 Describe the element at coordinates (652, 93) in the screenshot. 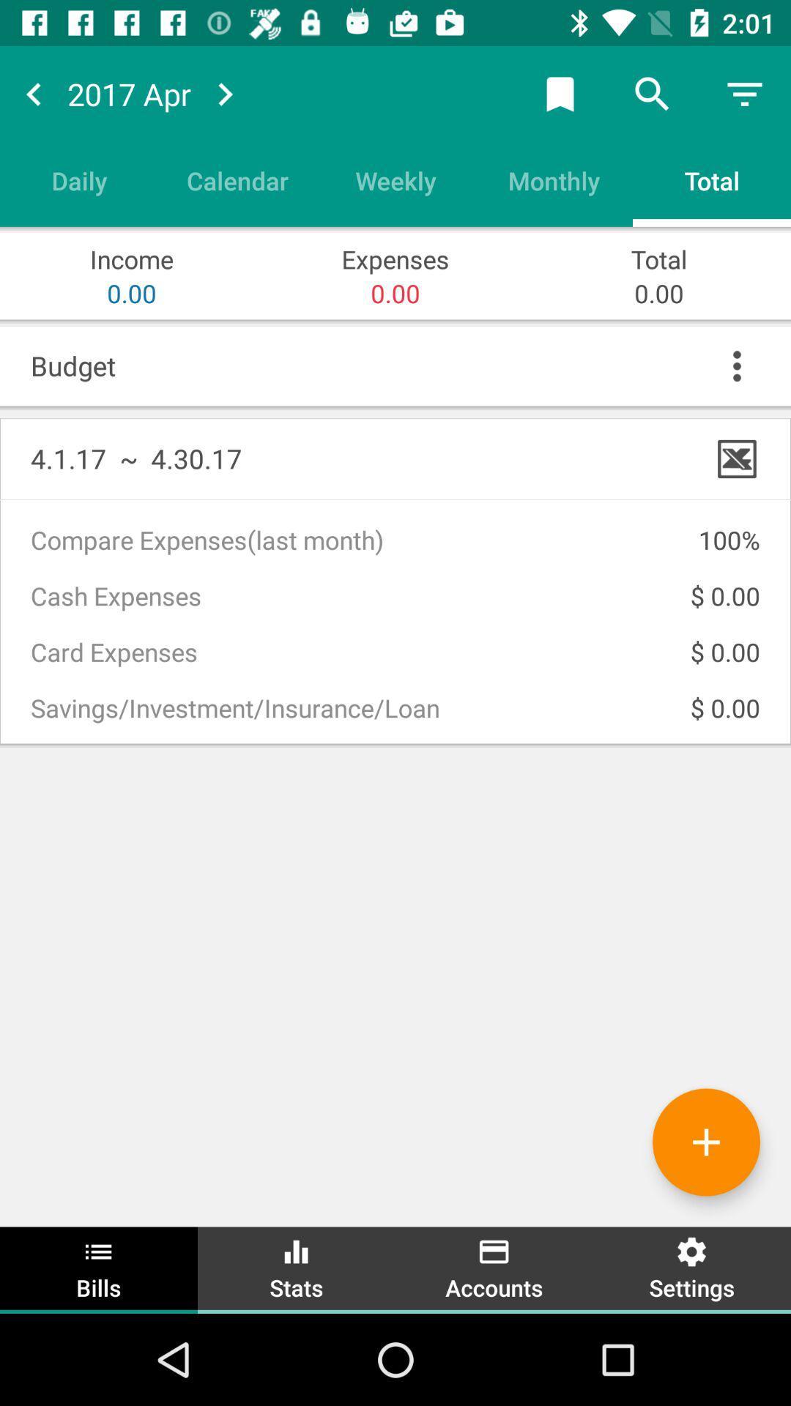

I see `the search icon` at that location.